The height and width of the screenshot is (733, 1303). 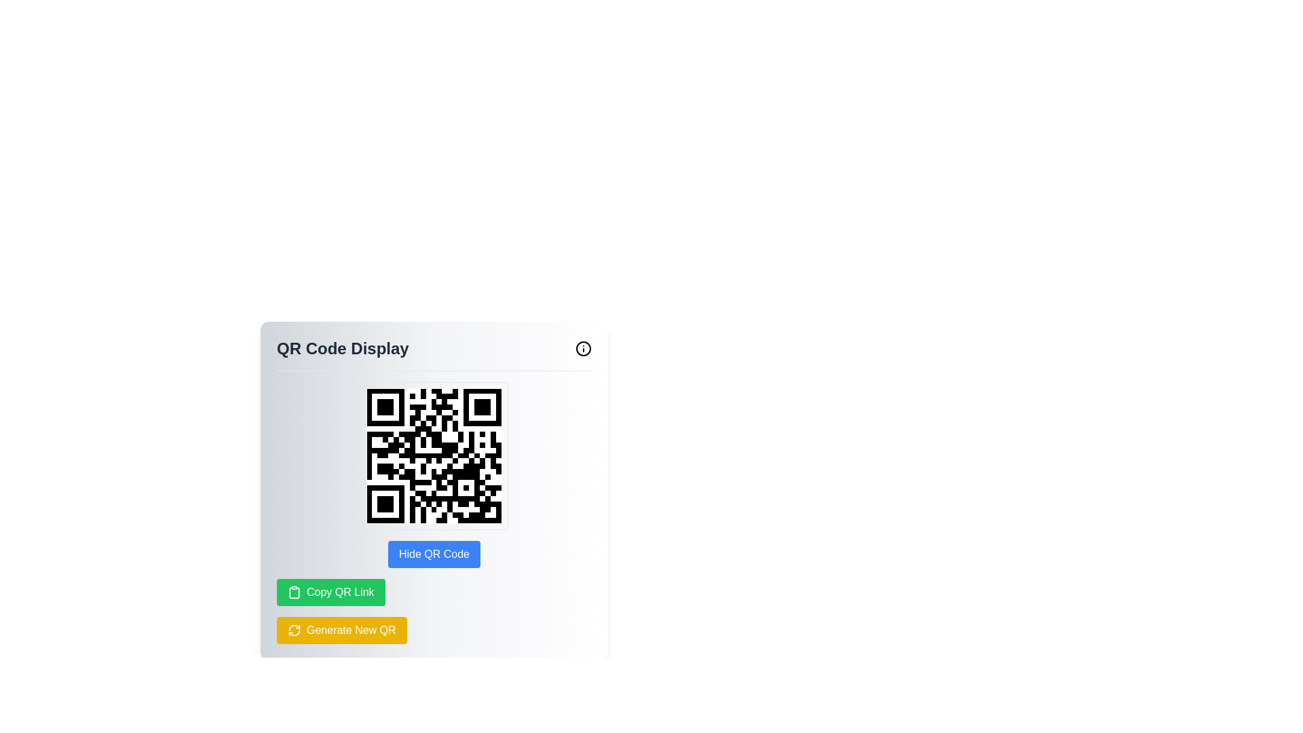 I want to click on the topmost button in the vertical arrangement to hide the currently displayed QR code, so click(x=433, y=555).